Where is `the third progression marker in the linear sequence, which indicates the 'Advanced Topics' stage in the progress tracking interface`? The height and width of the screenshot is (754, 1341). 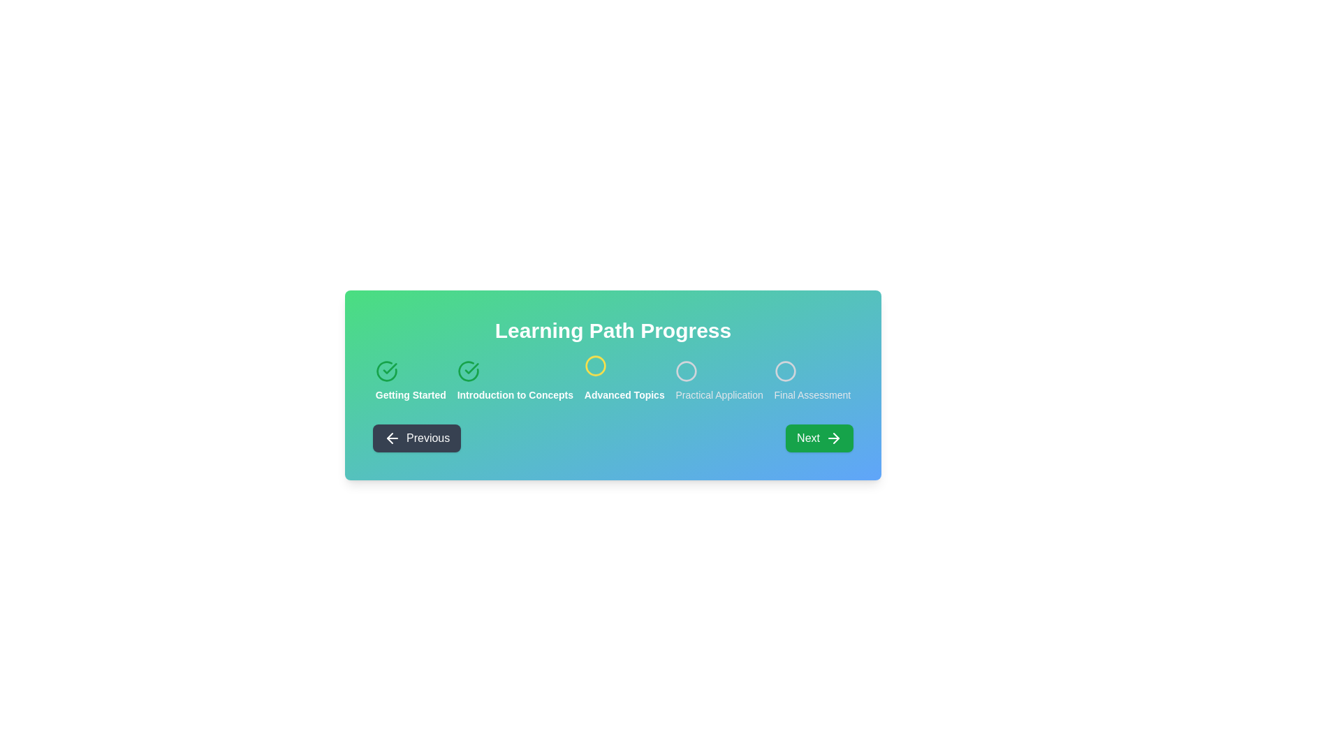 the third progression marker in the linear sequence, which indicates the 'Advanced Topics' stage in the progress tracking interface is located at coordinates (595, 368).